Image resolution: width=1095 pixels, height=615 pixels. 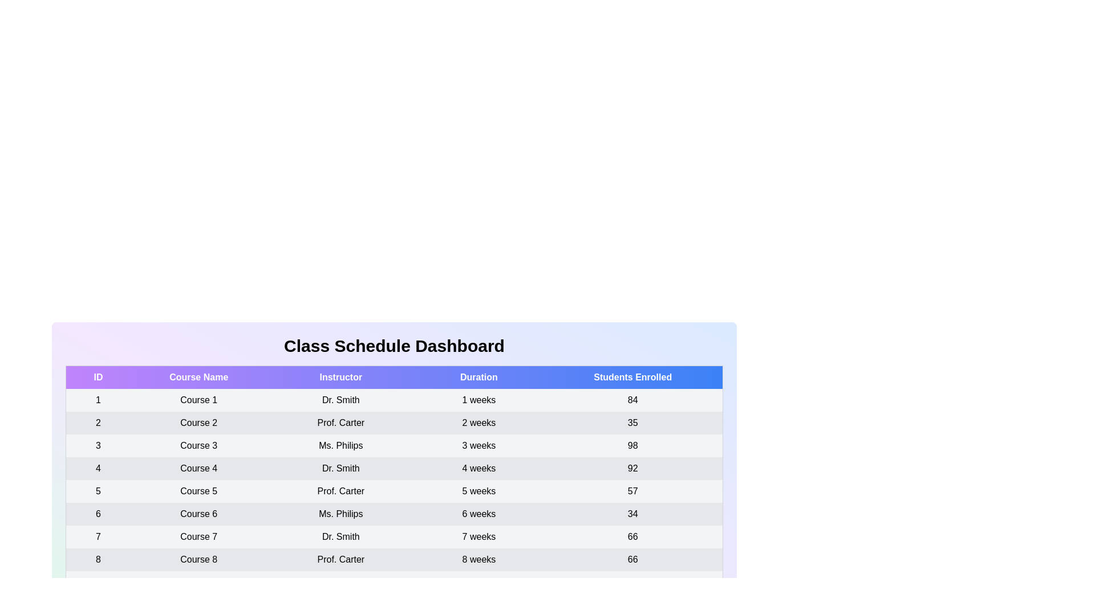 What do you see at coordinates (98, 377) in the screenshot?
I see `the table header ID to sort the table by that column` at bounding box center [98, 377].